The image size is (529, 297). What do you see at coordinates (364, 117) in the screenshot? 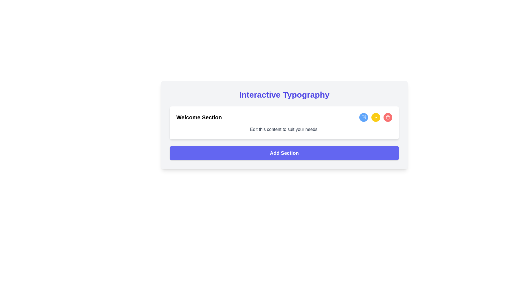
I see `the graphical icon button styled to resemble a pen inside a square, which is the first icon from the left in a horizontal group of three icons on the right of the rectangular white card, associated with editing the 'Welcome Section'` at bounding box center [364, 117].